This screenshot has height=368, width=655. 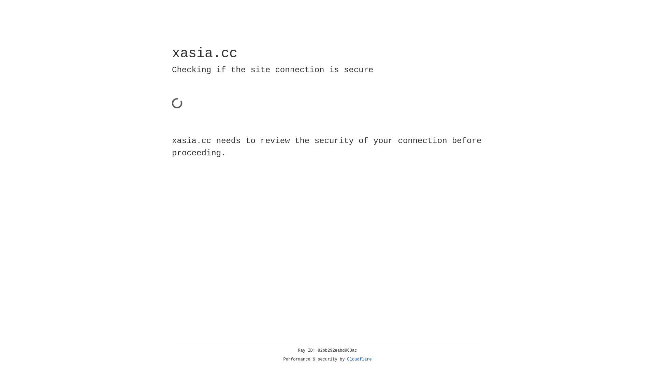 What do you see at coordinates (359, 359) in the screenshot?
I see `'Cloudflare'` at bounding box center [359, 359].